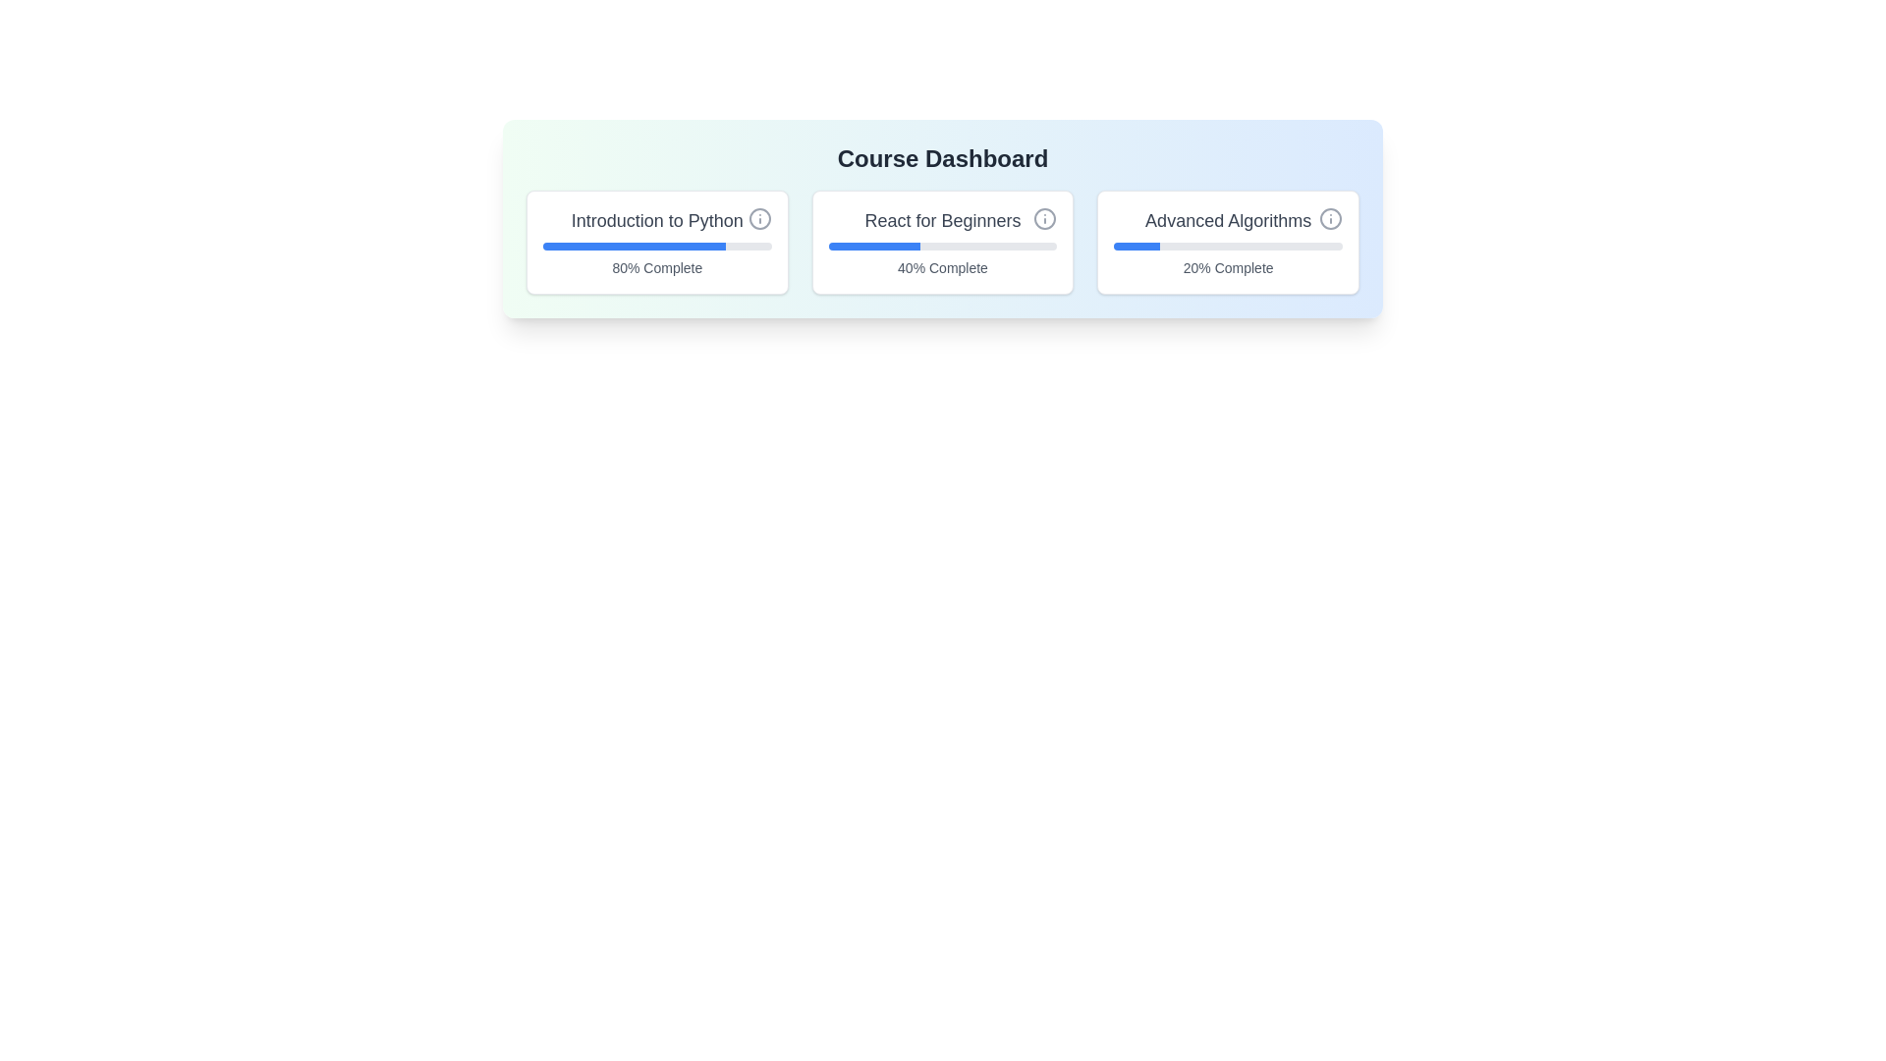  Describe the element at coordinates (758, 219) in the screenshot. I see `the information button for Introduction to Python` at that location.